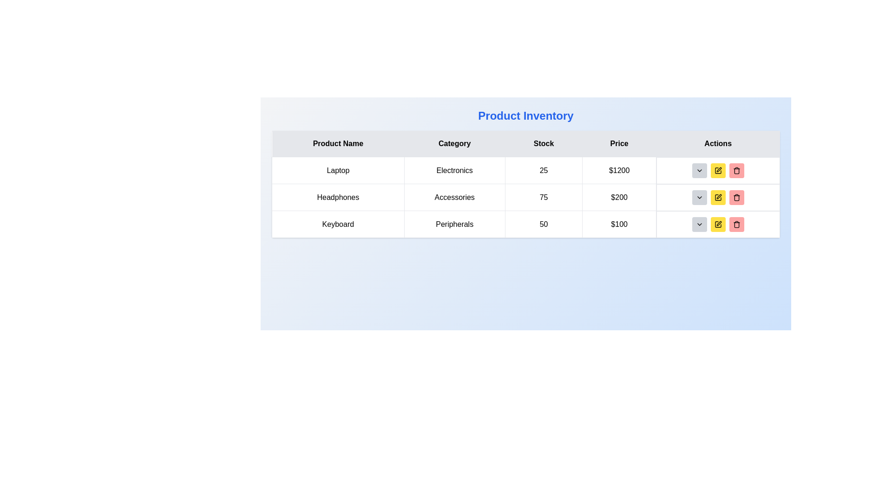 Image resolution: width=892 pixels, height=501 pixels. What do you see at coordinates (544, 144) in the screenshot?
I see `the 'Stock' column header cell, which is the third cell in the table header row, located between 'Category' and 'Price'` at bounding box center [544, 144].